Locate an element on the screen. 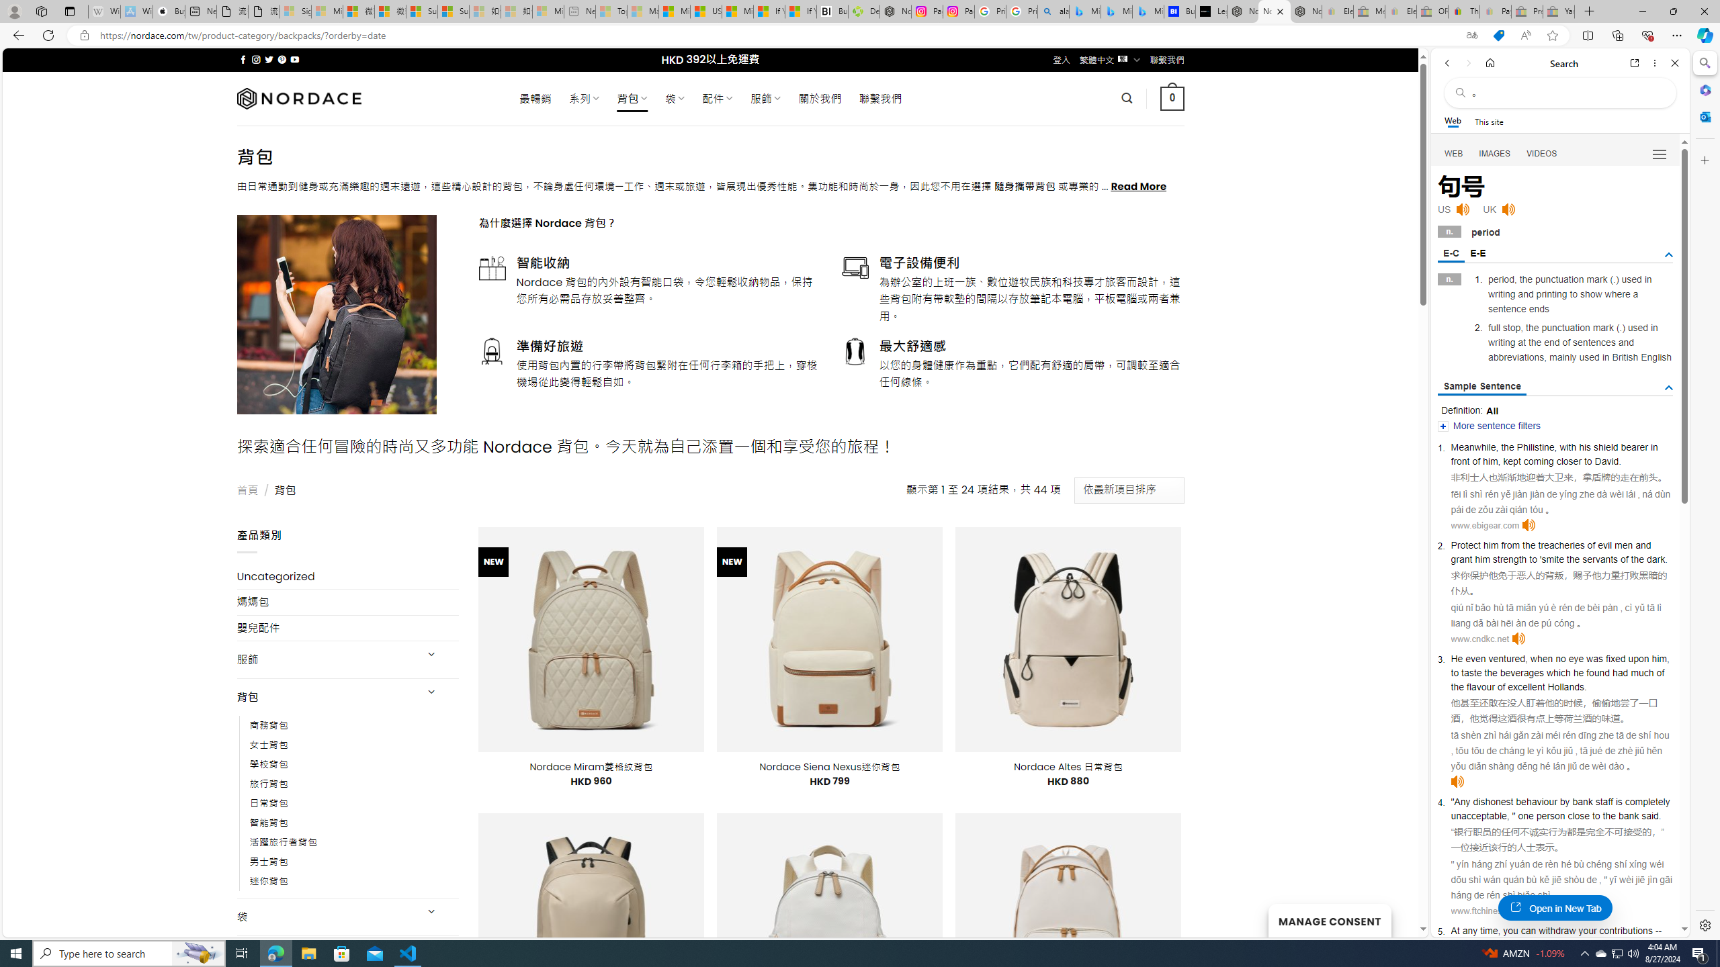 The width and height of the screenshot is (1720, 967). 'unacceptable' is located at coordinates (1478, 815).